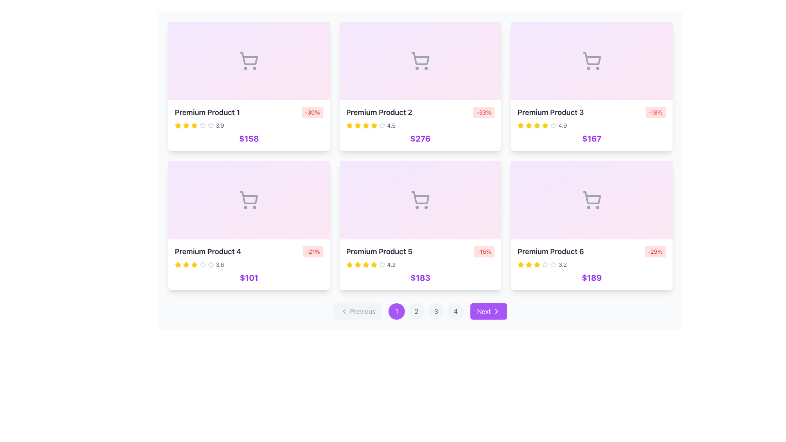  What do you see at coordinates (420, 61) in the screenshot?
I see `the shopping cart icon with a thin, rounded outline located in the second card (Premium Product 2) of the upper row in a 2x3 grid layout` at bounding box center [420, 61].